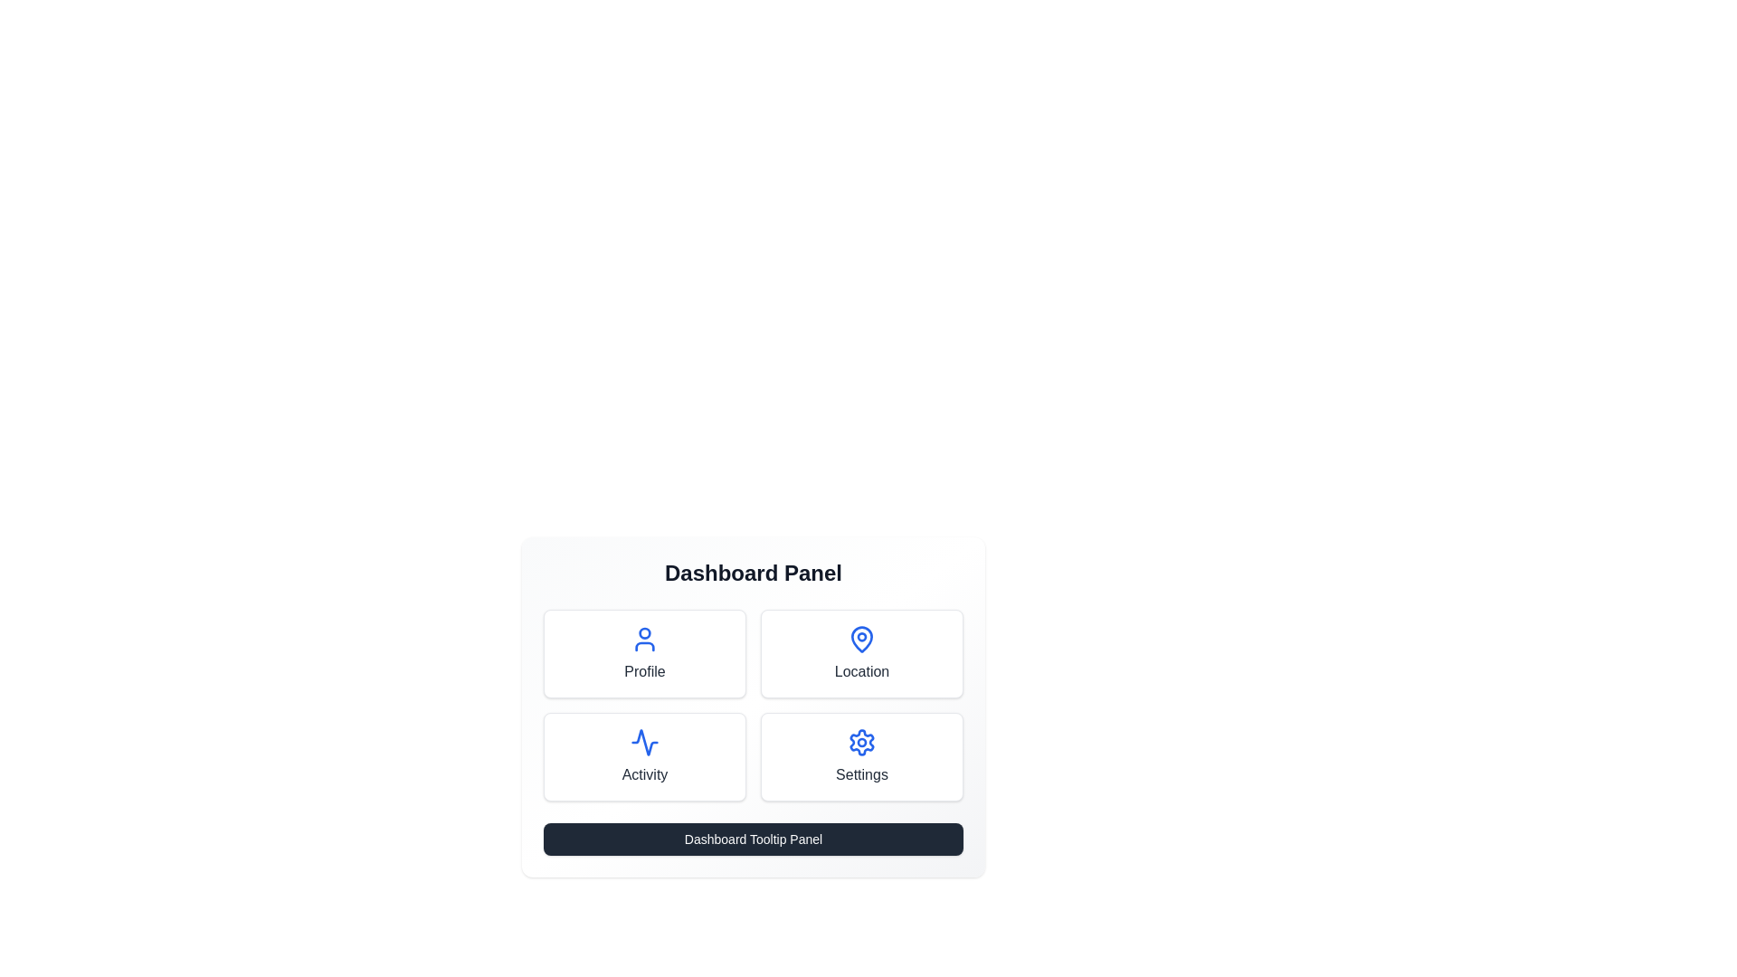  What do you see at coordinates (861, 653) in the screenshot?
I see `the button located in the top-right corner of the grid within the 'Dashboard Panel'` at bounding box center [861, 653].